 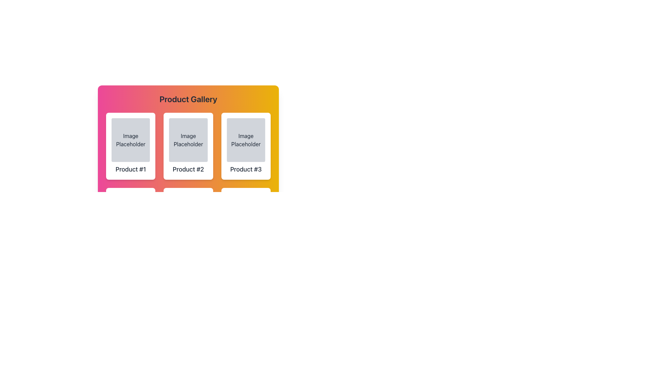 What do you see at coordinates (131, 139) in the screenshot?
I see `the first image placeholder component in the top-left quadrant of the 'Product #1' card, which visually indicates where an image would be displayed` at bounding box center [131, 139].